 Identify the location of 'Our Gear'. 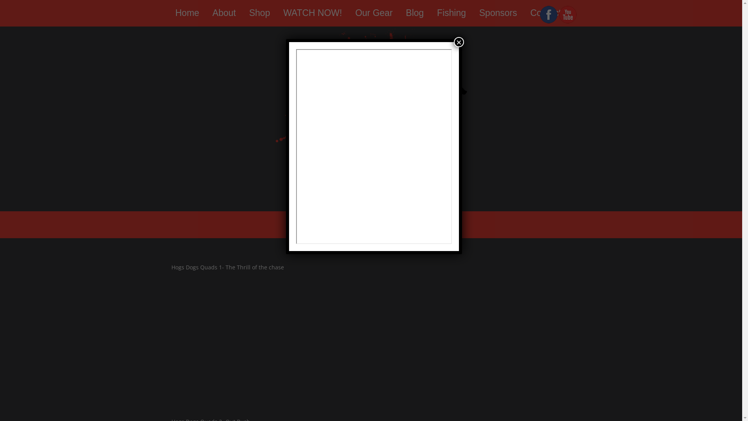
(374, 13).